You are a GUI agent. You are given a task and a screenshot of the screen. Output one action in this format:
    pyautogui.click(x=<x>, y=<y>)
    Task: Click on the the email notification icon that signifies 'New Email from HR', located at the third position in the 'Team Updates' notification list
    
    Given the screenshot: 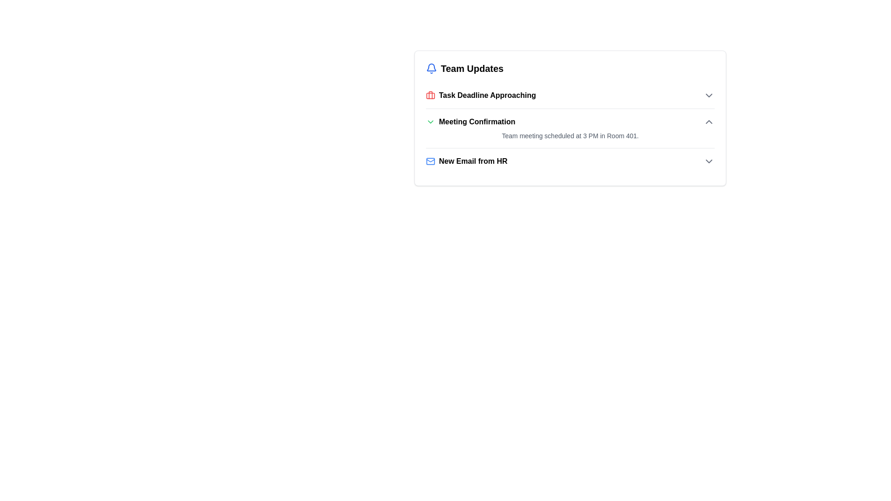 What is the action you would take?
    pyautogui.click(x=430, y=161)
    